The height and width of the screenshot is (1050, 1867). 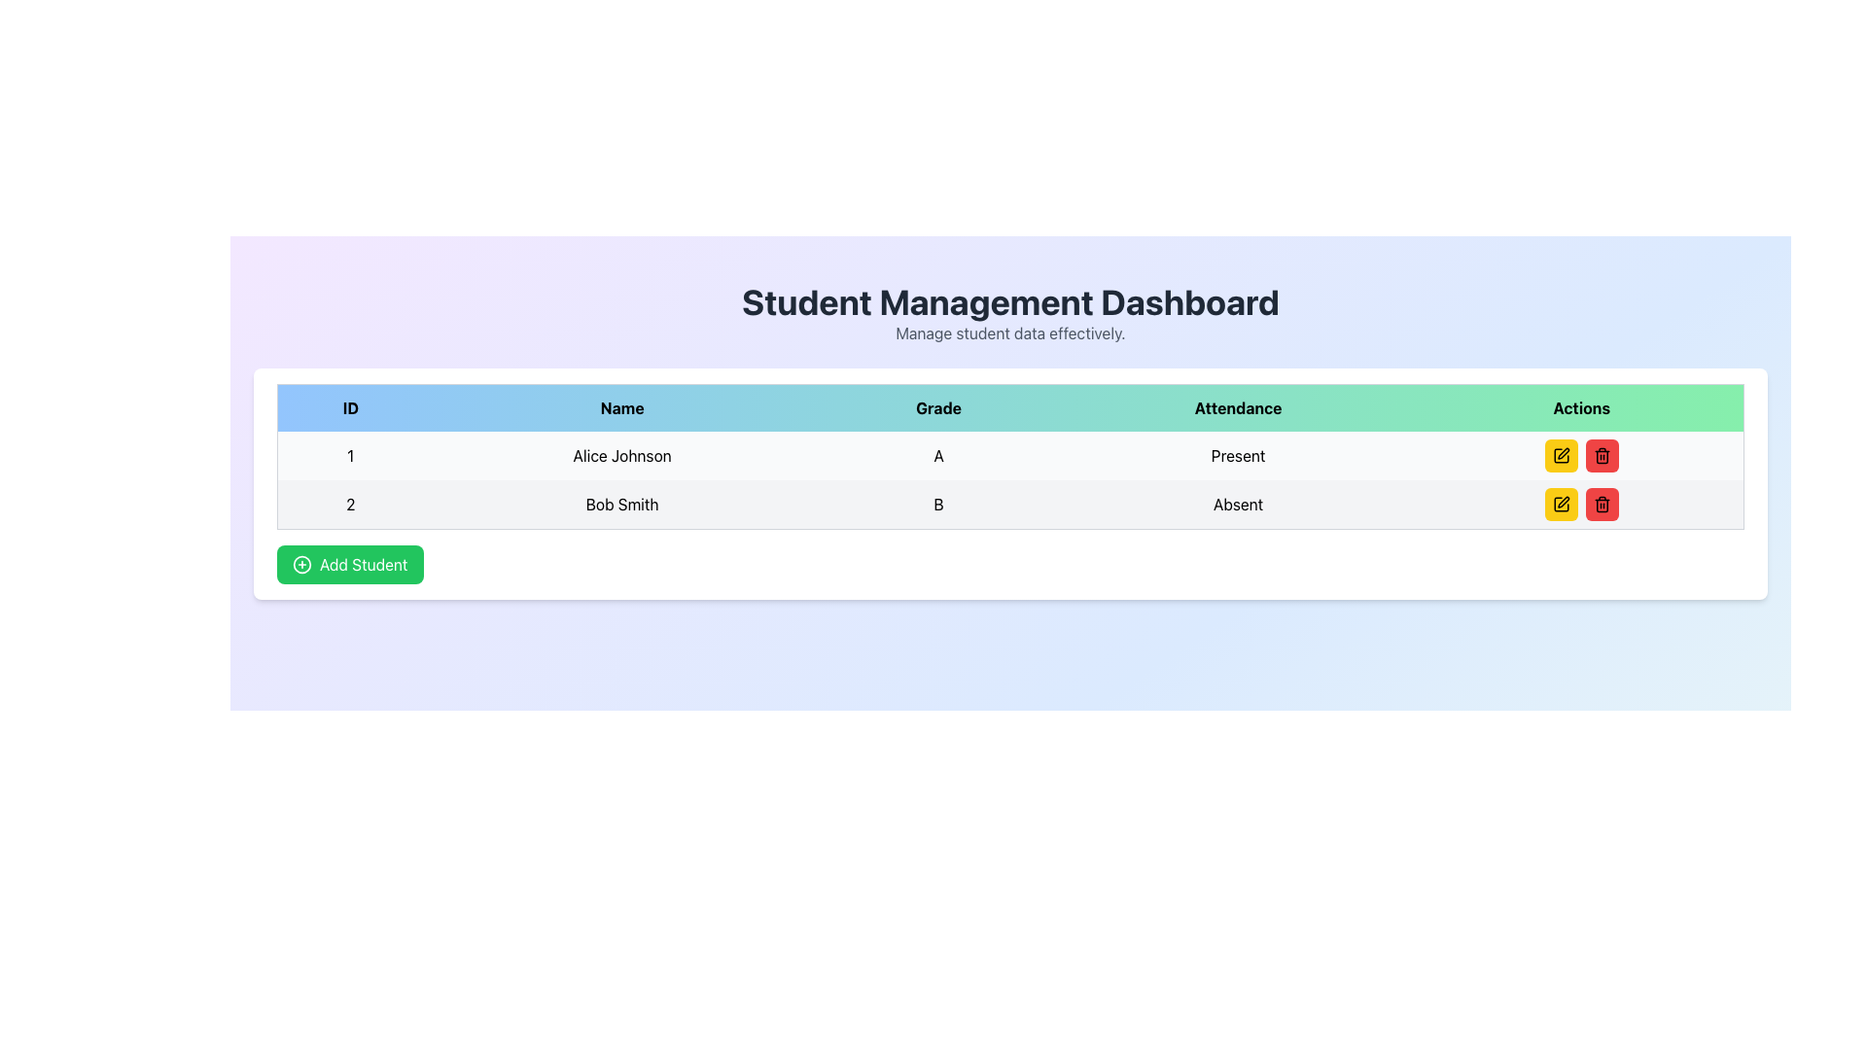 I want to click on the text label displaying 'Bob Smith', so click(x=620, y=504).